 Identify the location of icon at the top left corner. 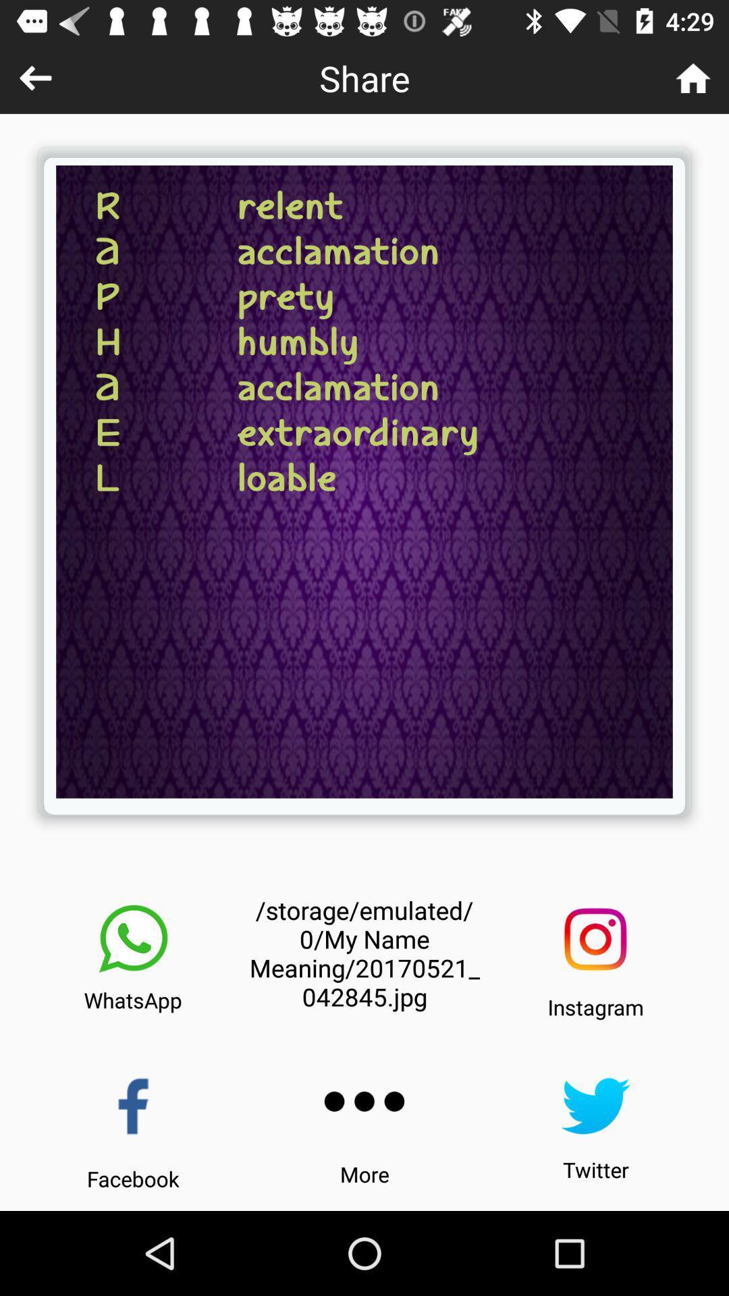
(34, 77).